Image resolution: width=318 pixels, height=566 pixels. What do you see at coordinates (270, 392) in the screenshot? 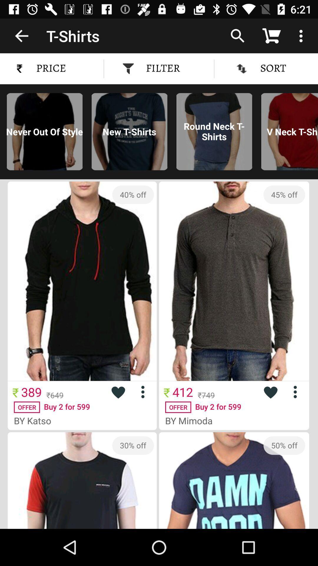
I see `share th like option` at bounding box center [270, 392].